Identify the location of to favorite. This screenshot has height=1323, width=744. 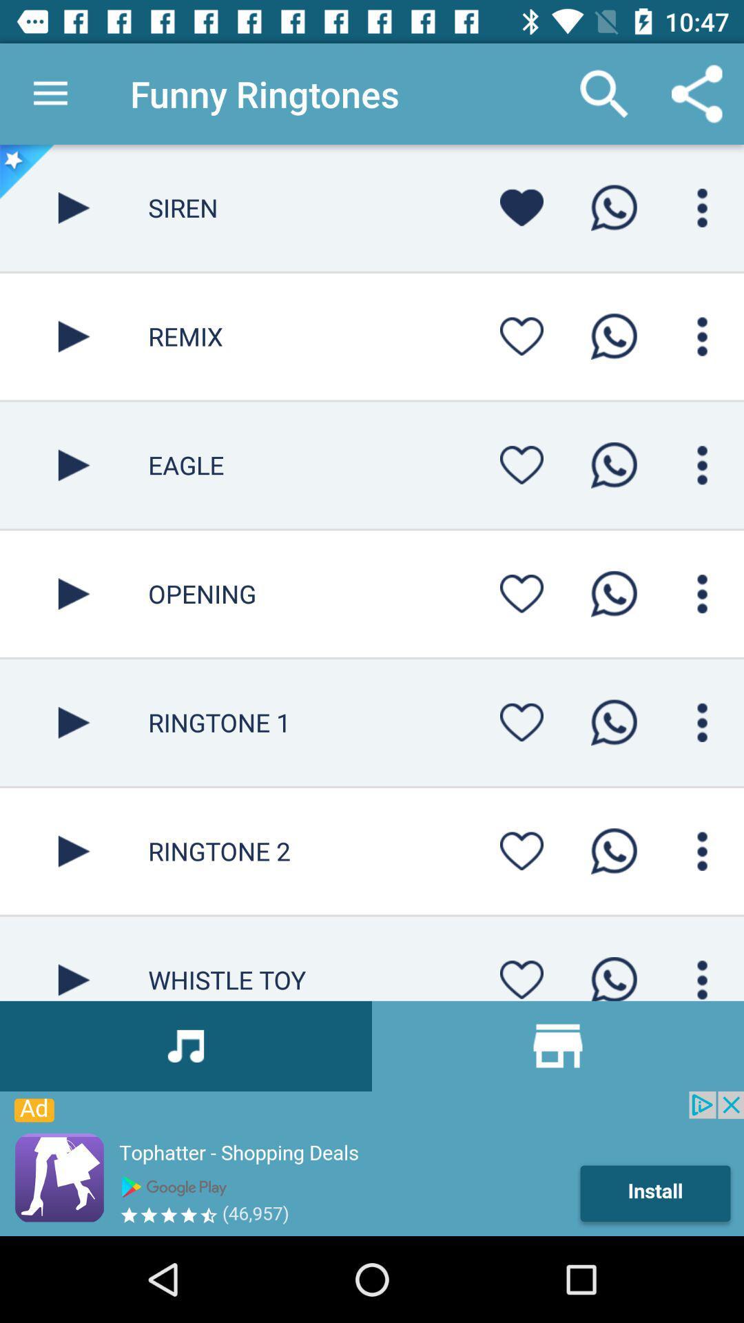
(521, 336).